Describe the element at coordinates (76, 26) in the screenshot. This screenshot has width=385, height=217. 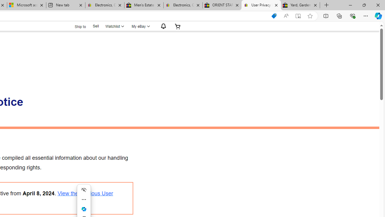
I see `'Ship to'` at that location.